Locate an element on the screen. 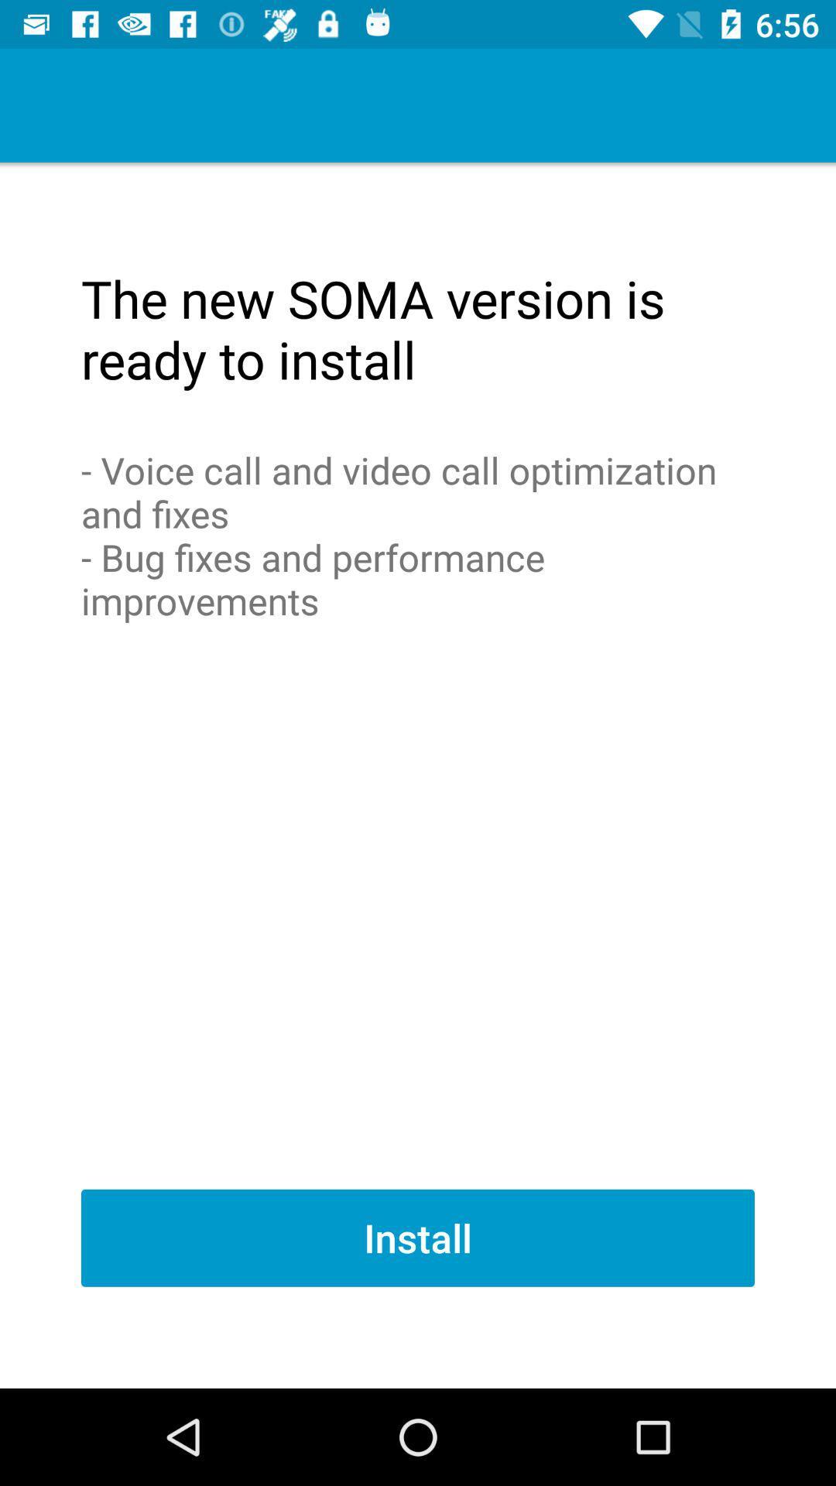 The width and height of the screenshot is (836, 1486). the voice call and icon is located at coordinates (418, 535).